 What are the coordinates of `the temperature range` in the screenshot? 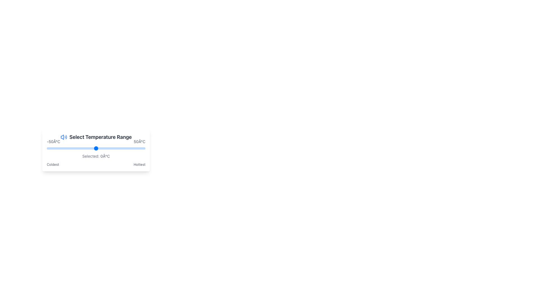 It's located at (139, 148).